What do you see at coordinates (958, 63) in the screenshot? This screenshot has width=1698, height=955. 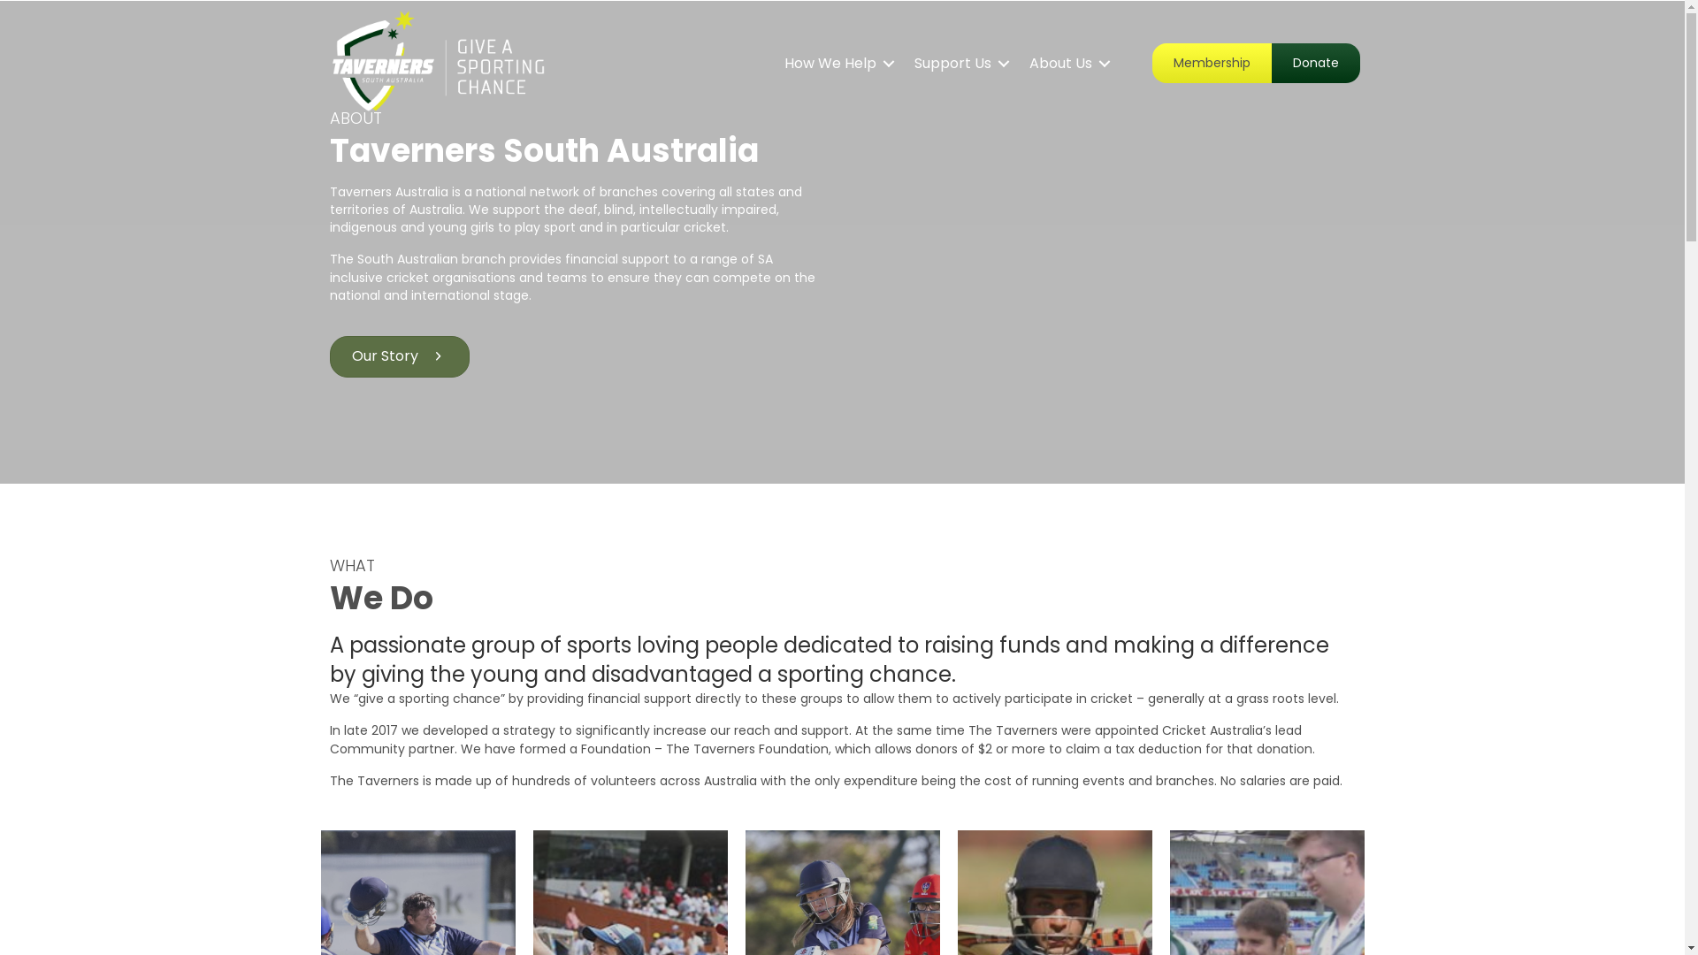 I see `'Support Us'` at bounding box center [958, 63].